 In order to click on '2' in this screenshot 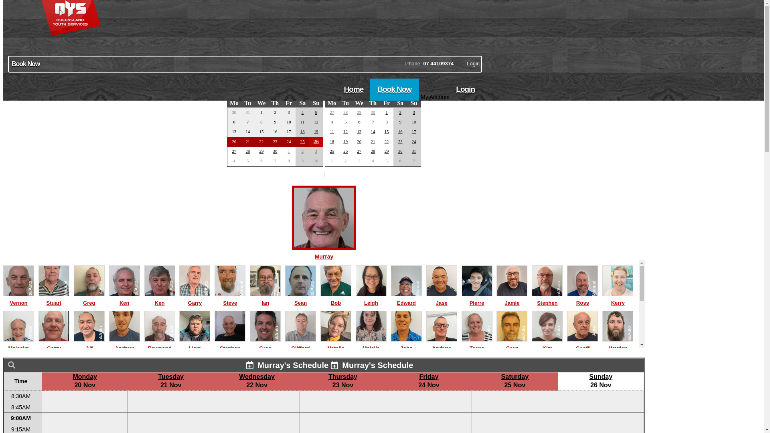, I will do `click(301, 151)`.